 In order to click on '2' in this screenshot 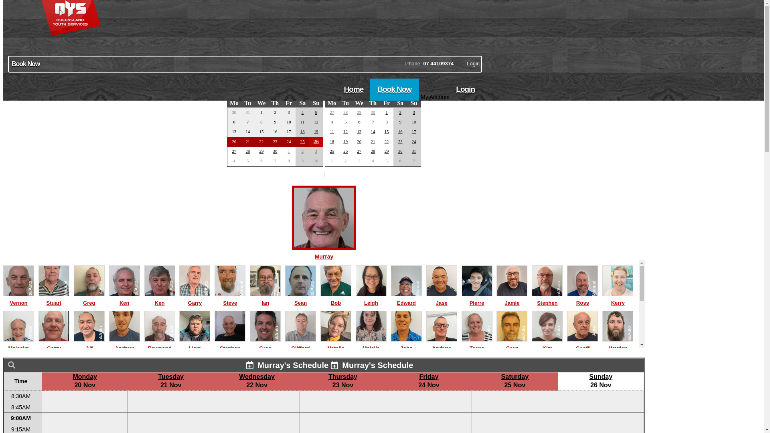, I will do `click(301, 151)`.